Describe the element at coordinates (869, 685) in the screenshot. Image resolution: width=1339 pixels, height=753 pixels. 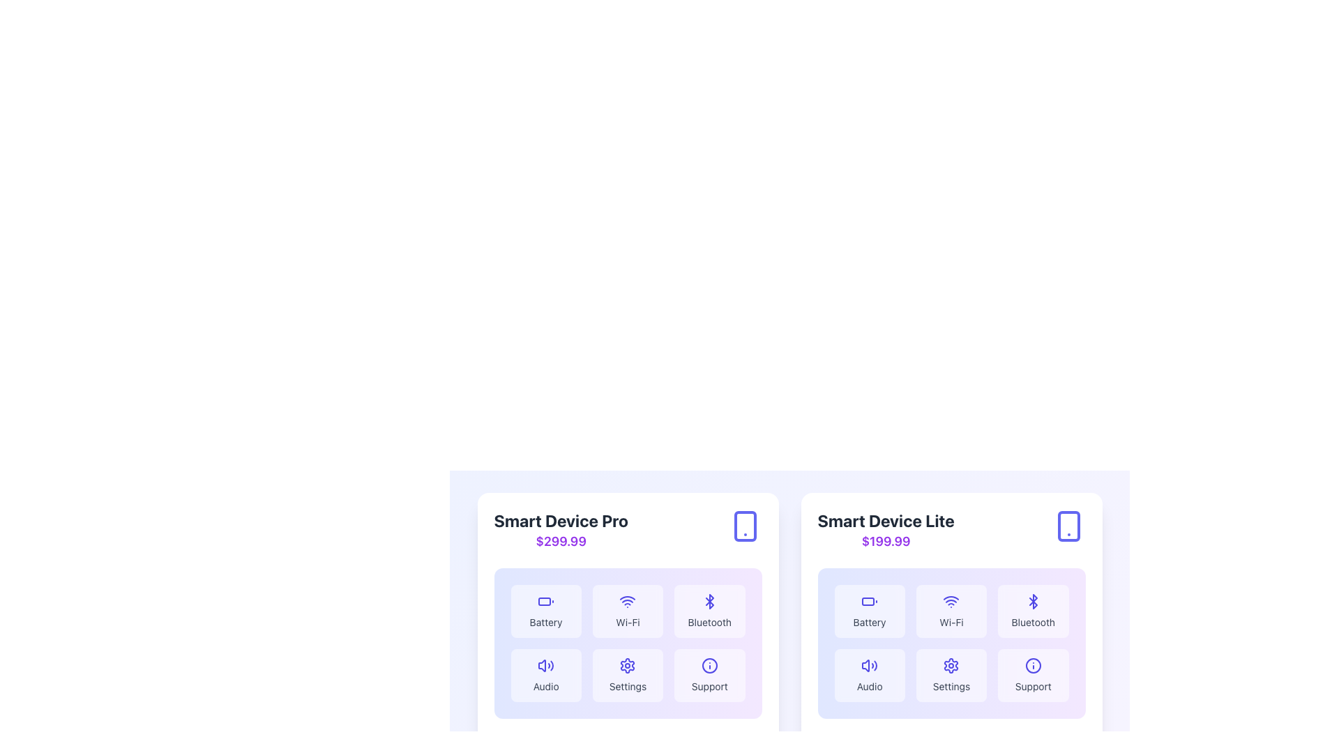
I see `the 'Audio' text label which indicates the functionality of the audio features, located centrally below the speaker icon in the 'Smart Device Lite' section` at that location.